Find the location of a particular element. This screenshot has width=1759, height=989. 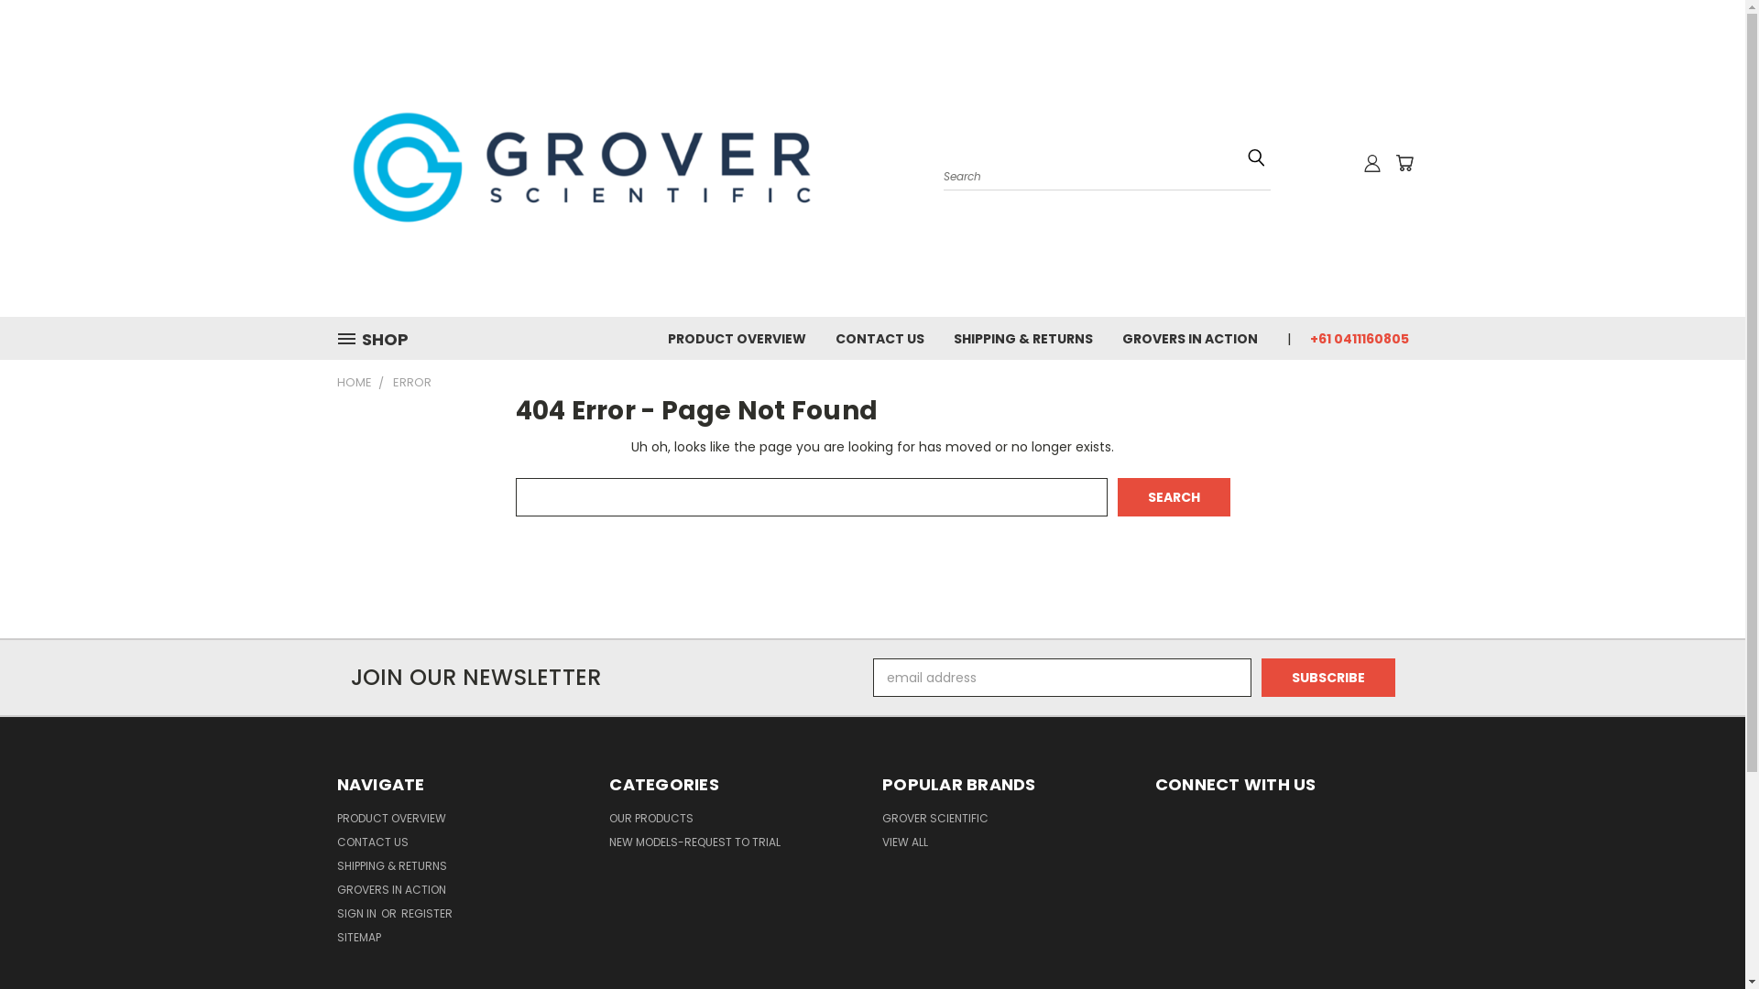

'HOME' is located at coordinates (355, 381).